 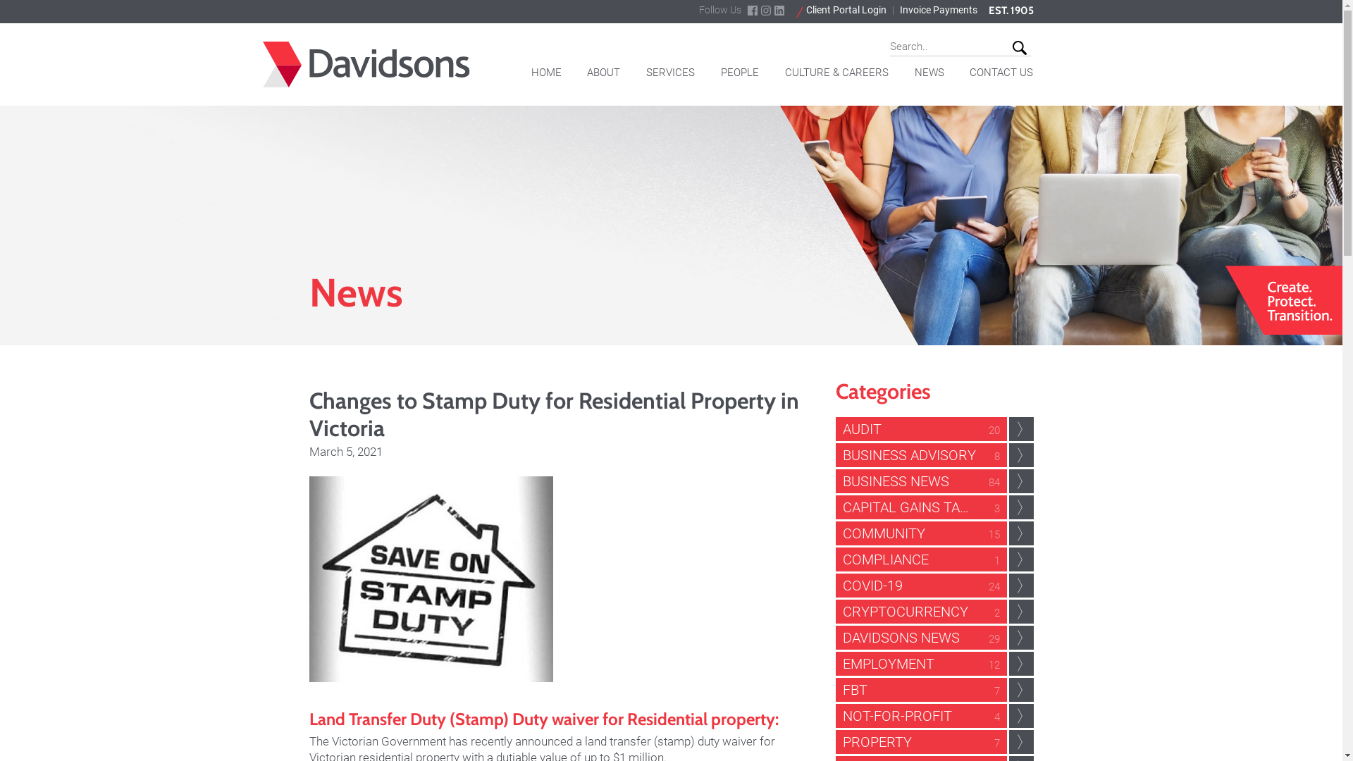 I want to click on 'PEOPLE', so click(x=739, y=76).